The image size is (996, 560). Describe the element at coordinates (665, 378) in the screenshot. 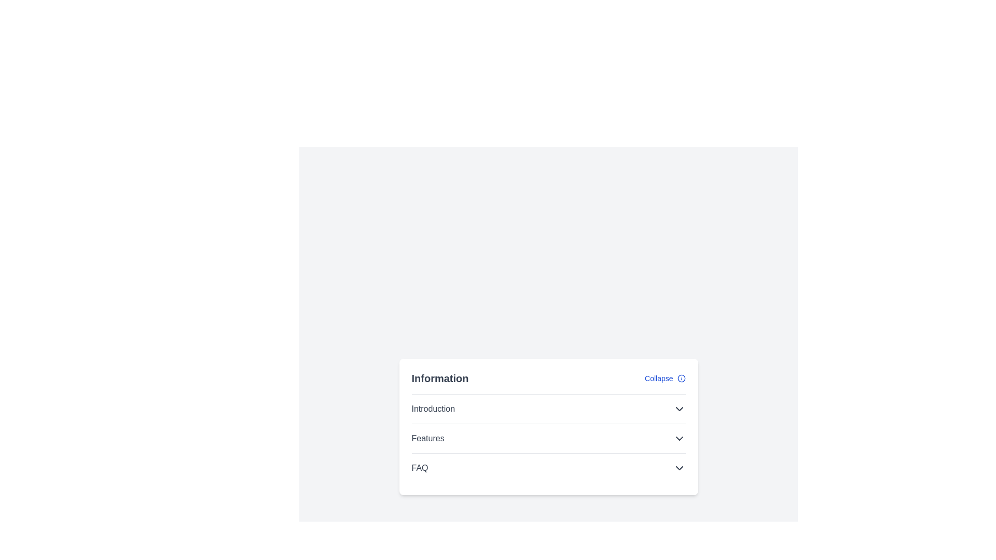

I see `the toggle button located in the upper-right corner of the 'Information' section` at that location.